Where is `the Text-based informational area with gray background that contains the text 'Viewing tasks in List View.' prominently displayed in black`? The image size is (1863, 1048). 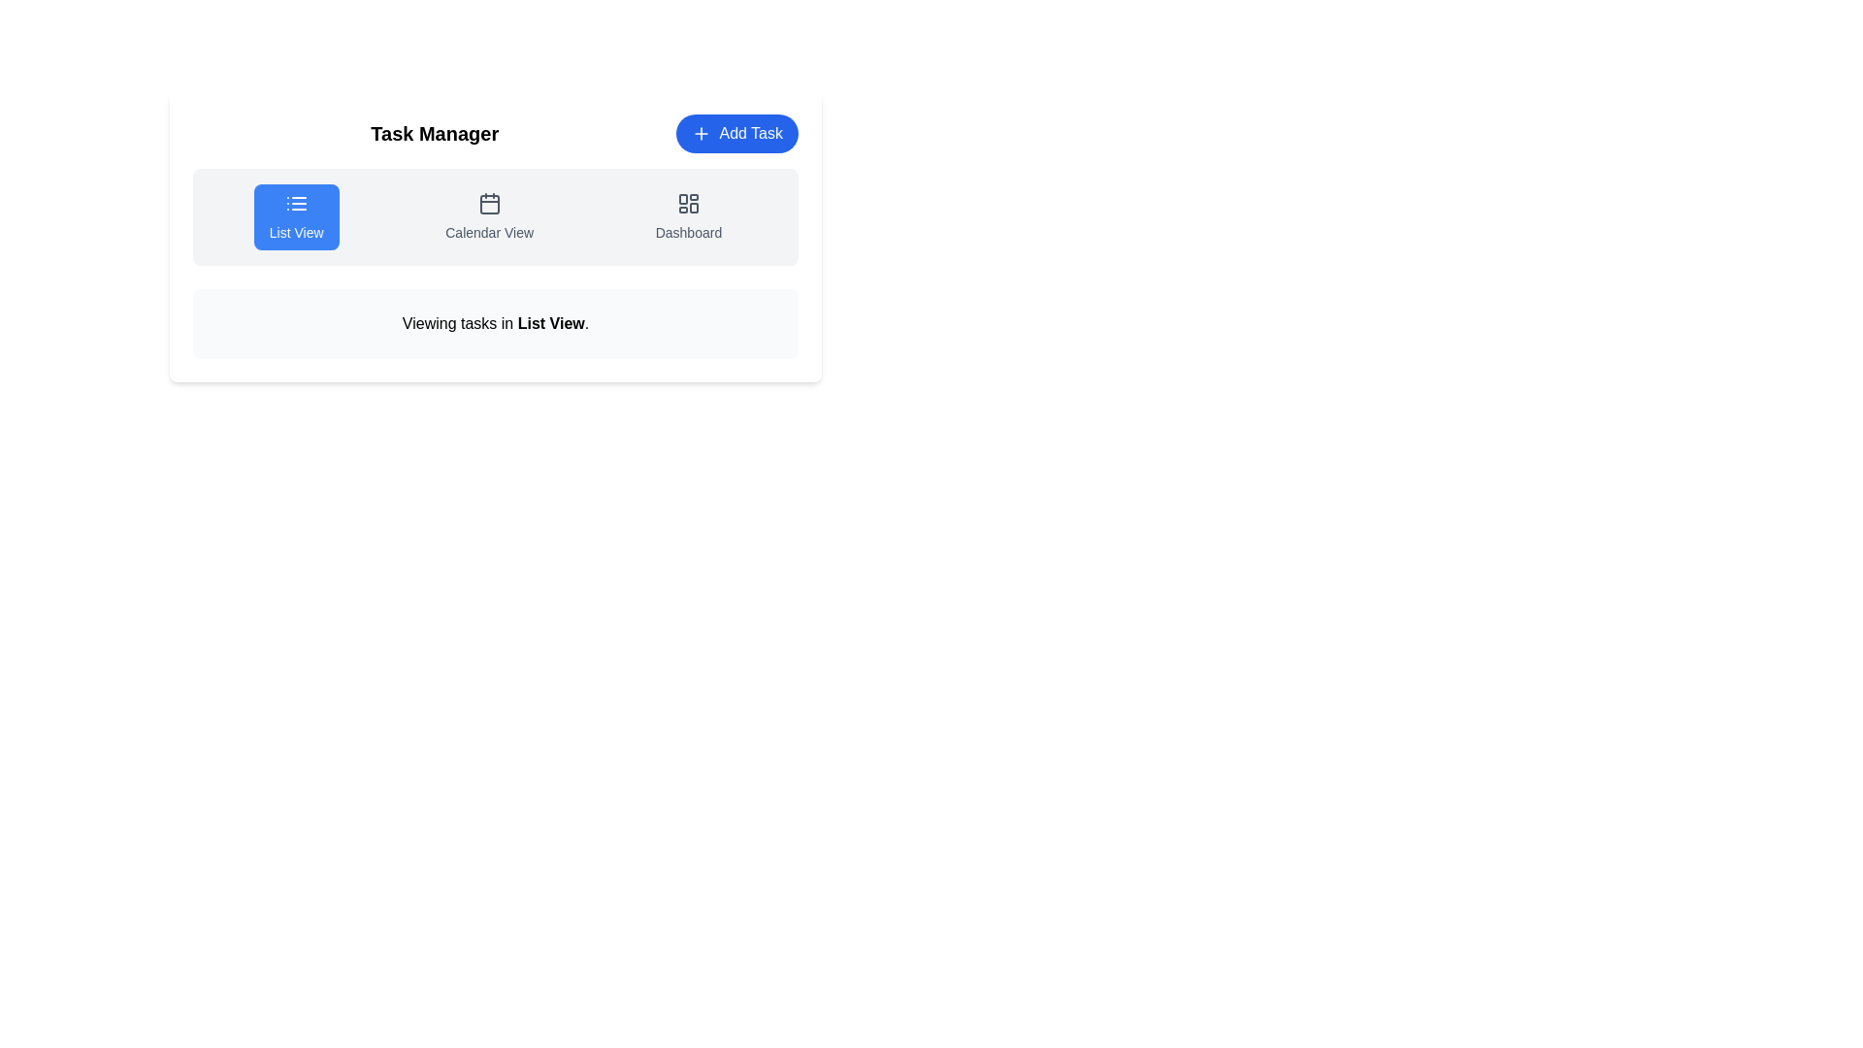 the Text-based informational area with gray background that contains the text 'Viewing tasks in List View.' prominently displayed in black is located at coordinates (495, 323).